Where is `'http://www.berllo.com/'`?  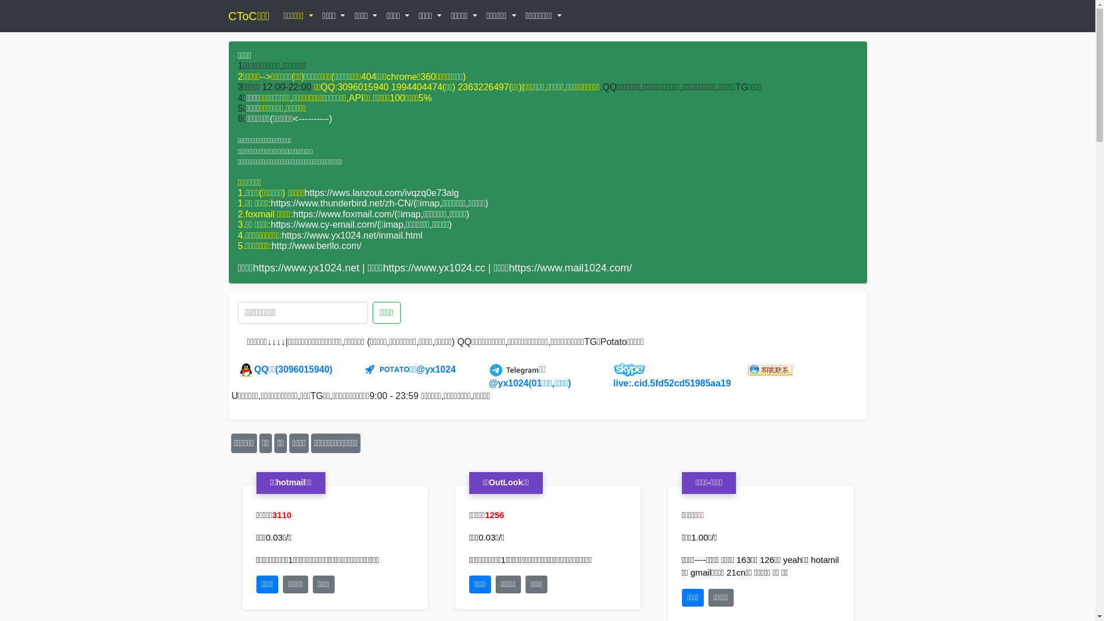 'http://www.berllo.com/' is located at coordinates (316, 245).